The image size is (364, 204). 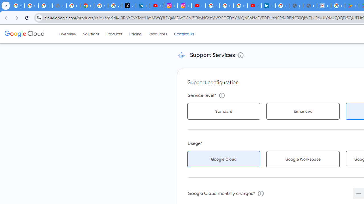 What do you see at coordinates (129, 6) in the screenshot?
I see `'X'` at bounding box center [129, 6].